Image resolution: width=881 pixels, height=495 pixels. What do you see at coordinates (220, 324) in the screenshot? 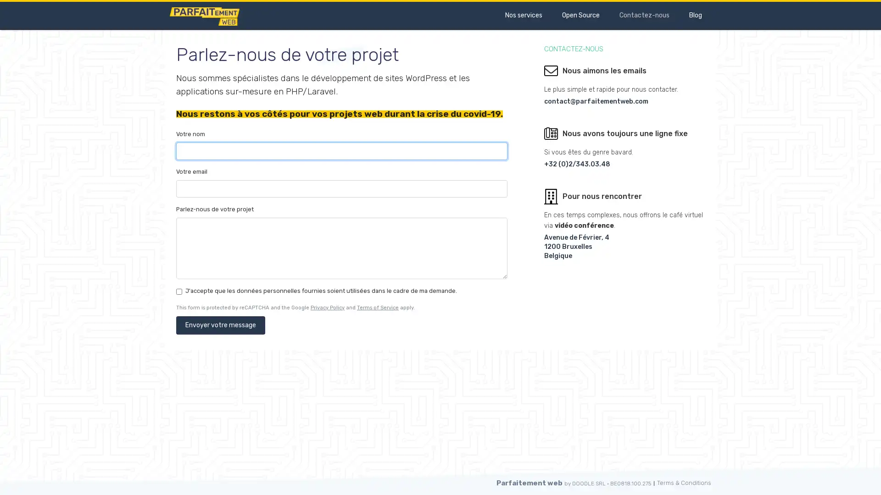
I see `Envoyer votre message` at bounding box center [220, 324].